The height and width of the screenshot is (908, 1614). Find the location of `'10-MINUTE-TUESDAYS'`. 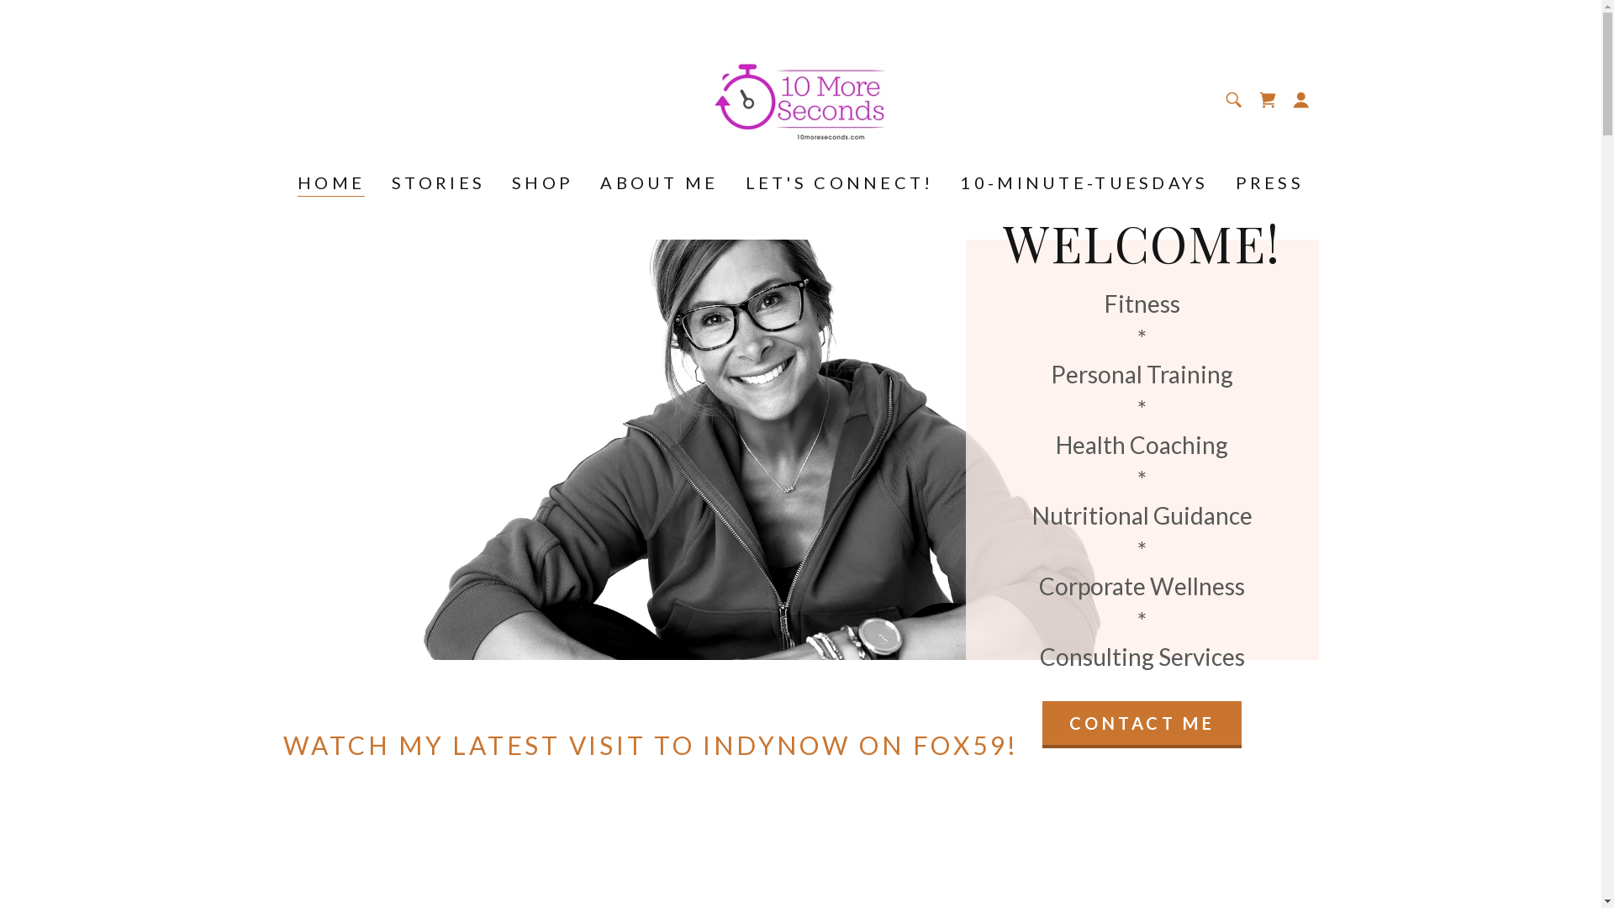

'10-MINUTE-TUESDAYS' is located at coordinates (1084, 182).